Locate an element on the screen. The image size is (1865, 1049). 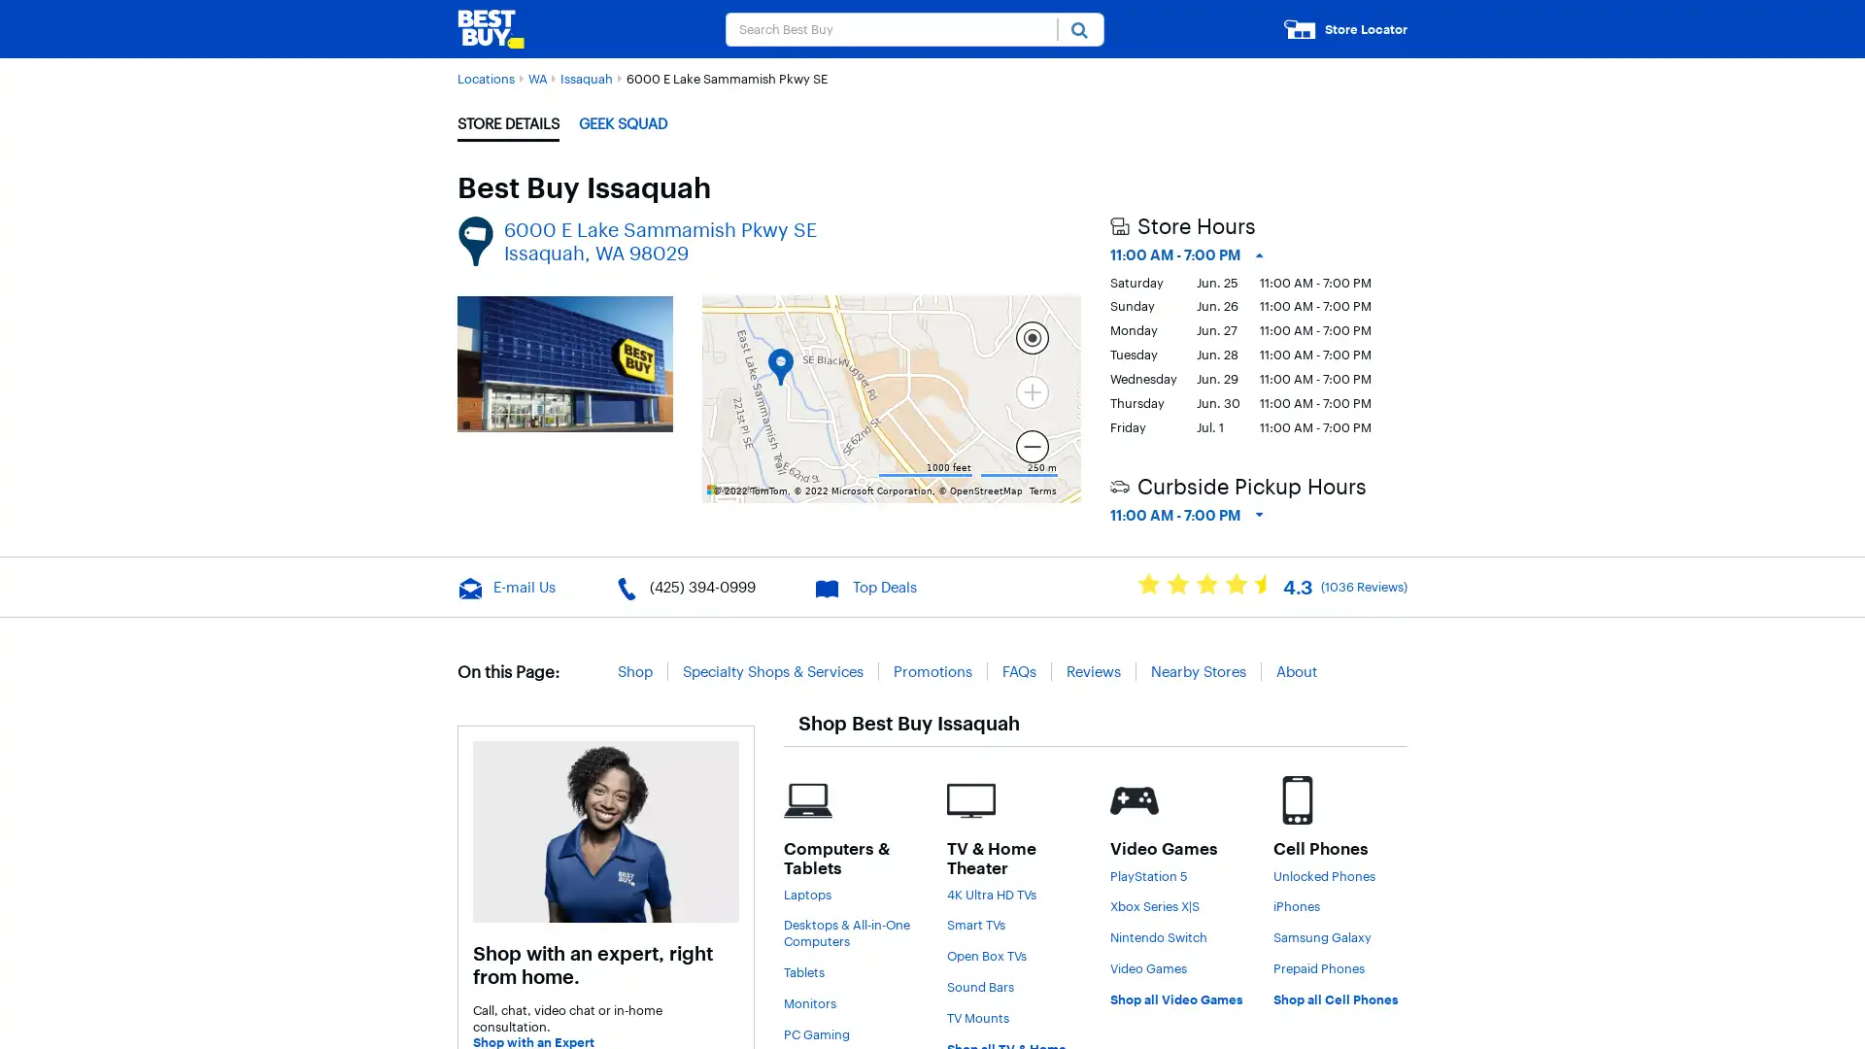
11:00 AM To 7:00 PM is located at coordinates (1185, 254).